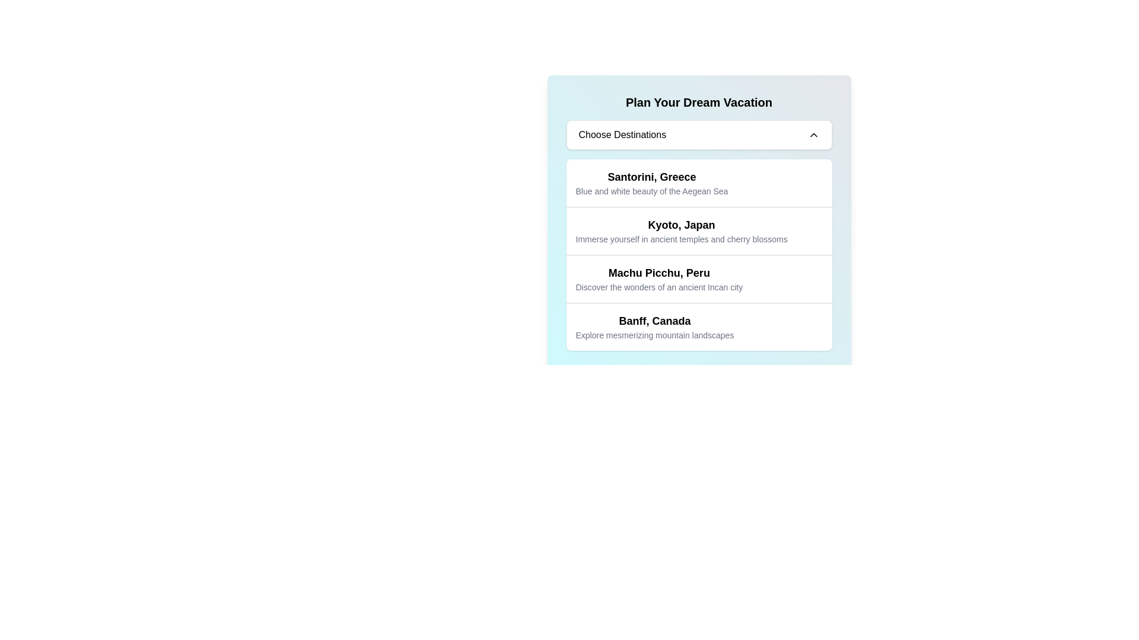  What do you see at coordinates (699, 279) in the screenshot?
I see `the third selectable card in the list of destinations labeled 'Machu Picchu, Peru'` at bounding box center [699, 279].